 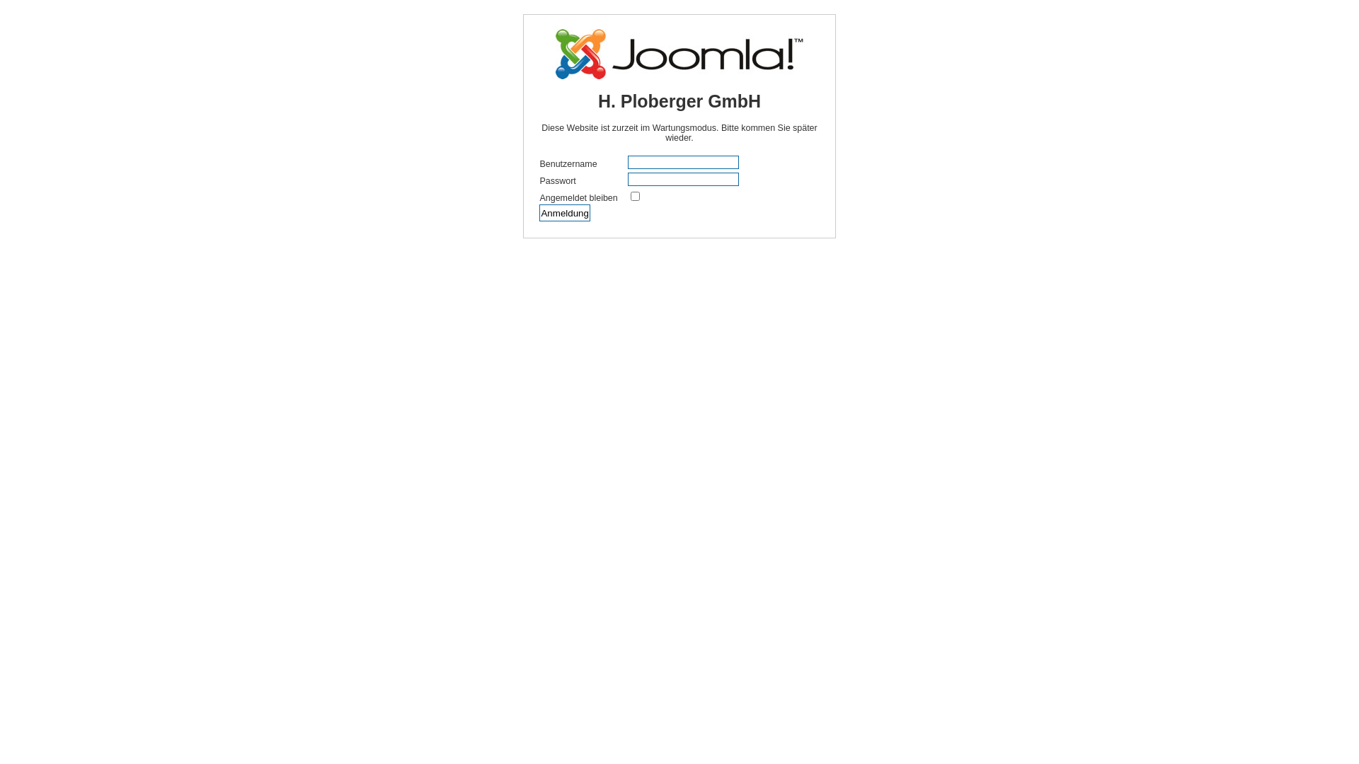 What do you see at coordinates (563, 212) in the screenshot?
I see `'Anmeldung'` at bounding box center [563, 212].